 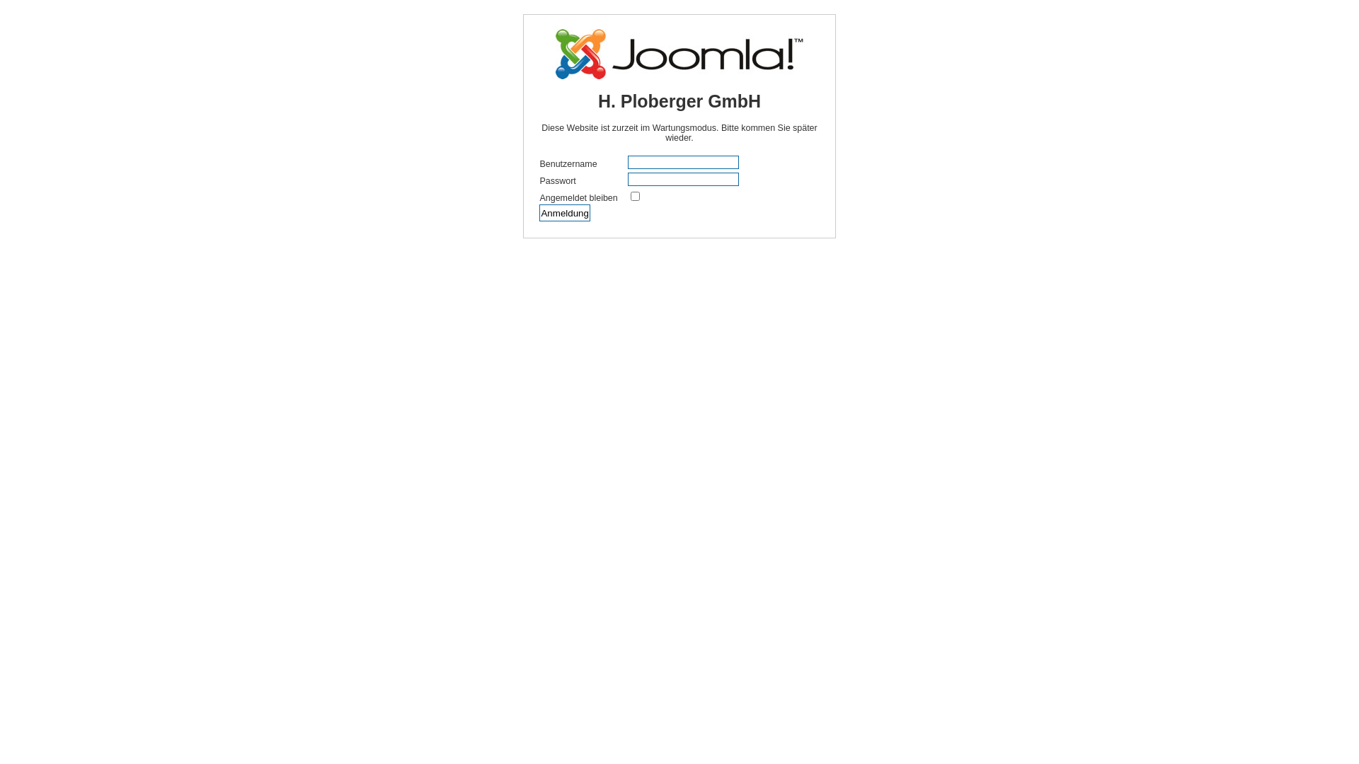 What do you see at coordinates (563, 212) in the screenshot?
I see `'Anmeldung'` at bounding box center [563, 212].